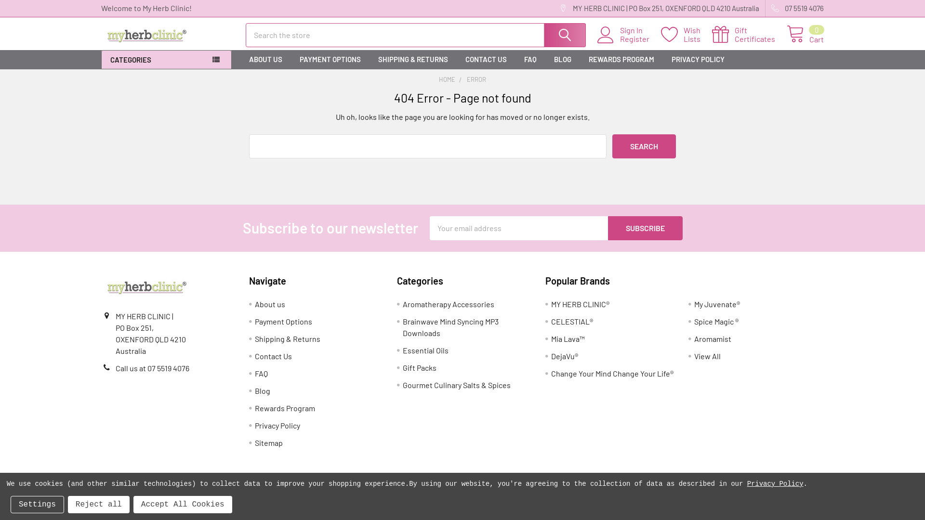 The height and width of the screenshot is (520, 925). Describe the element at coordinates (254, 425) in the screenshot. I see `'Privacy Policy'` at that location.